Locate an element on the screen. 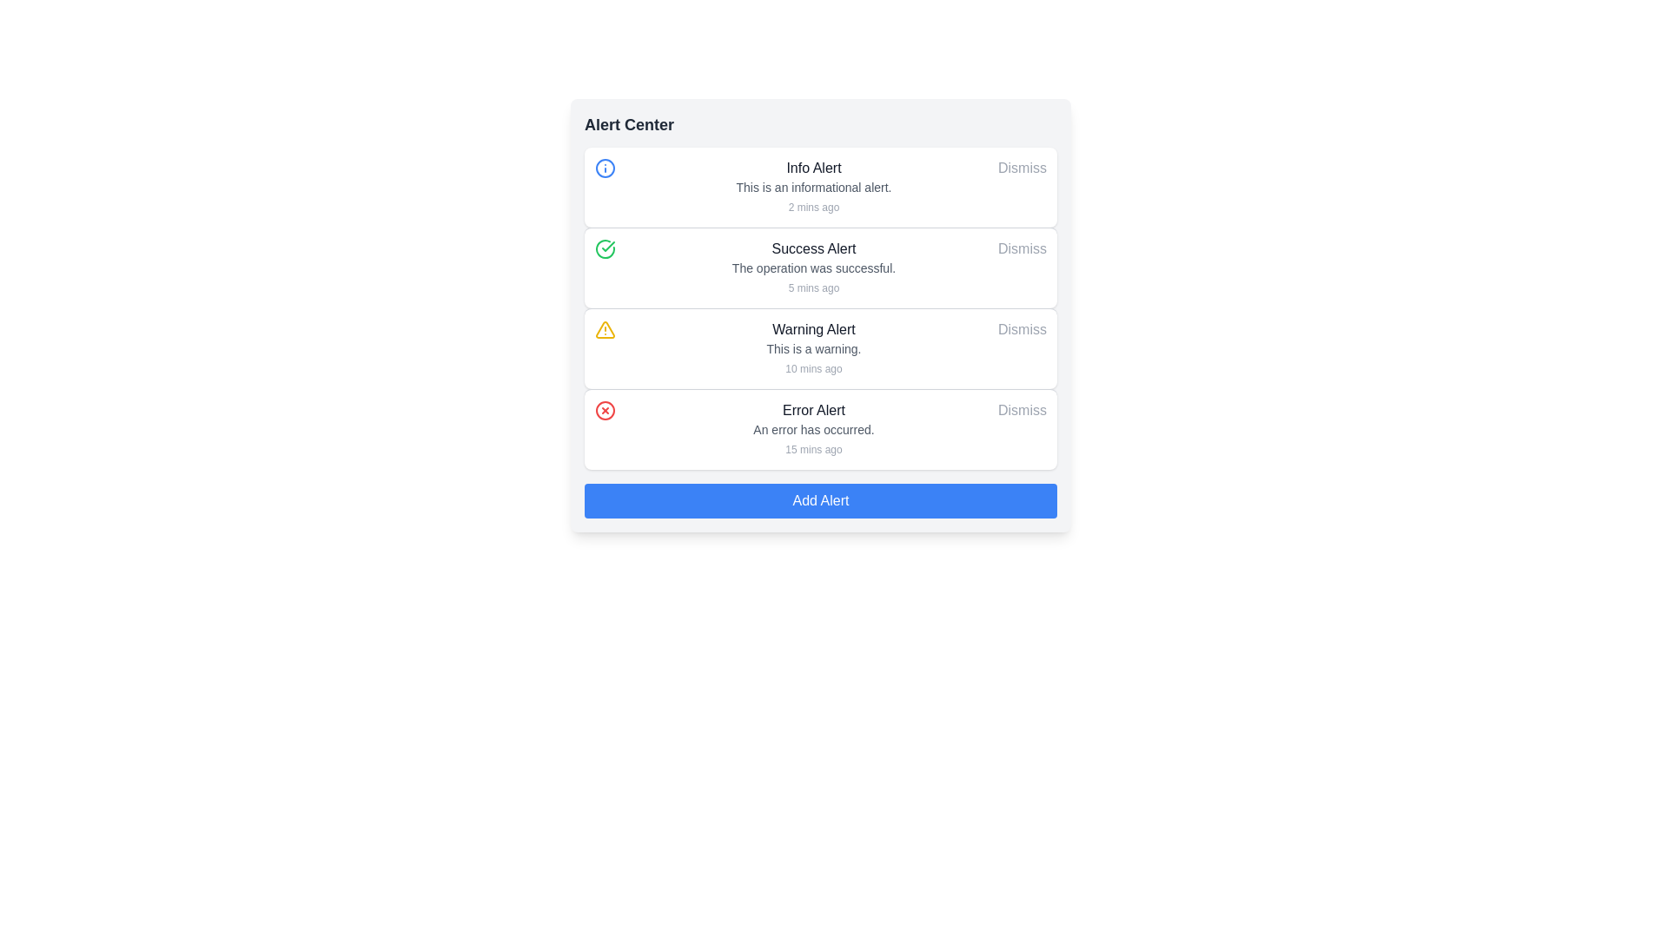 Image resolution: width=1668 pixels, height=938 pixels. the 'Dismiss' button styled as a text link in the top-right corner of the alert card to change its color is located at coordinates (1022, 168).